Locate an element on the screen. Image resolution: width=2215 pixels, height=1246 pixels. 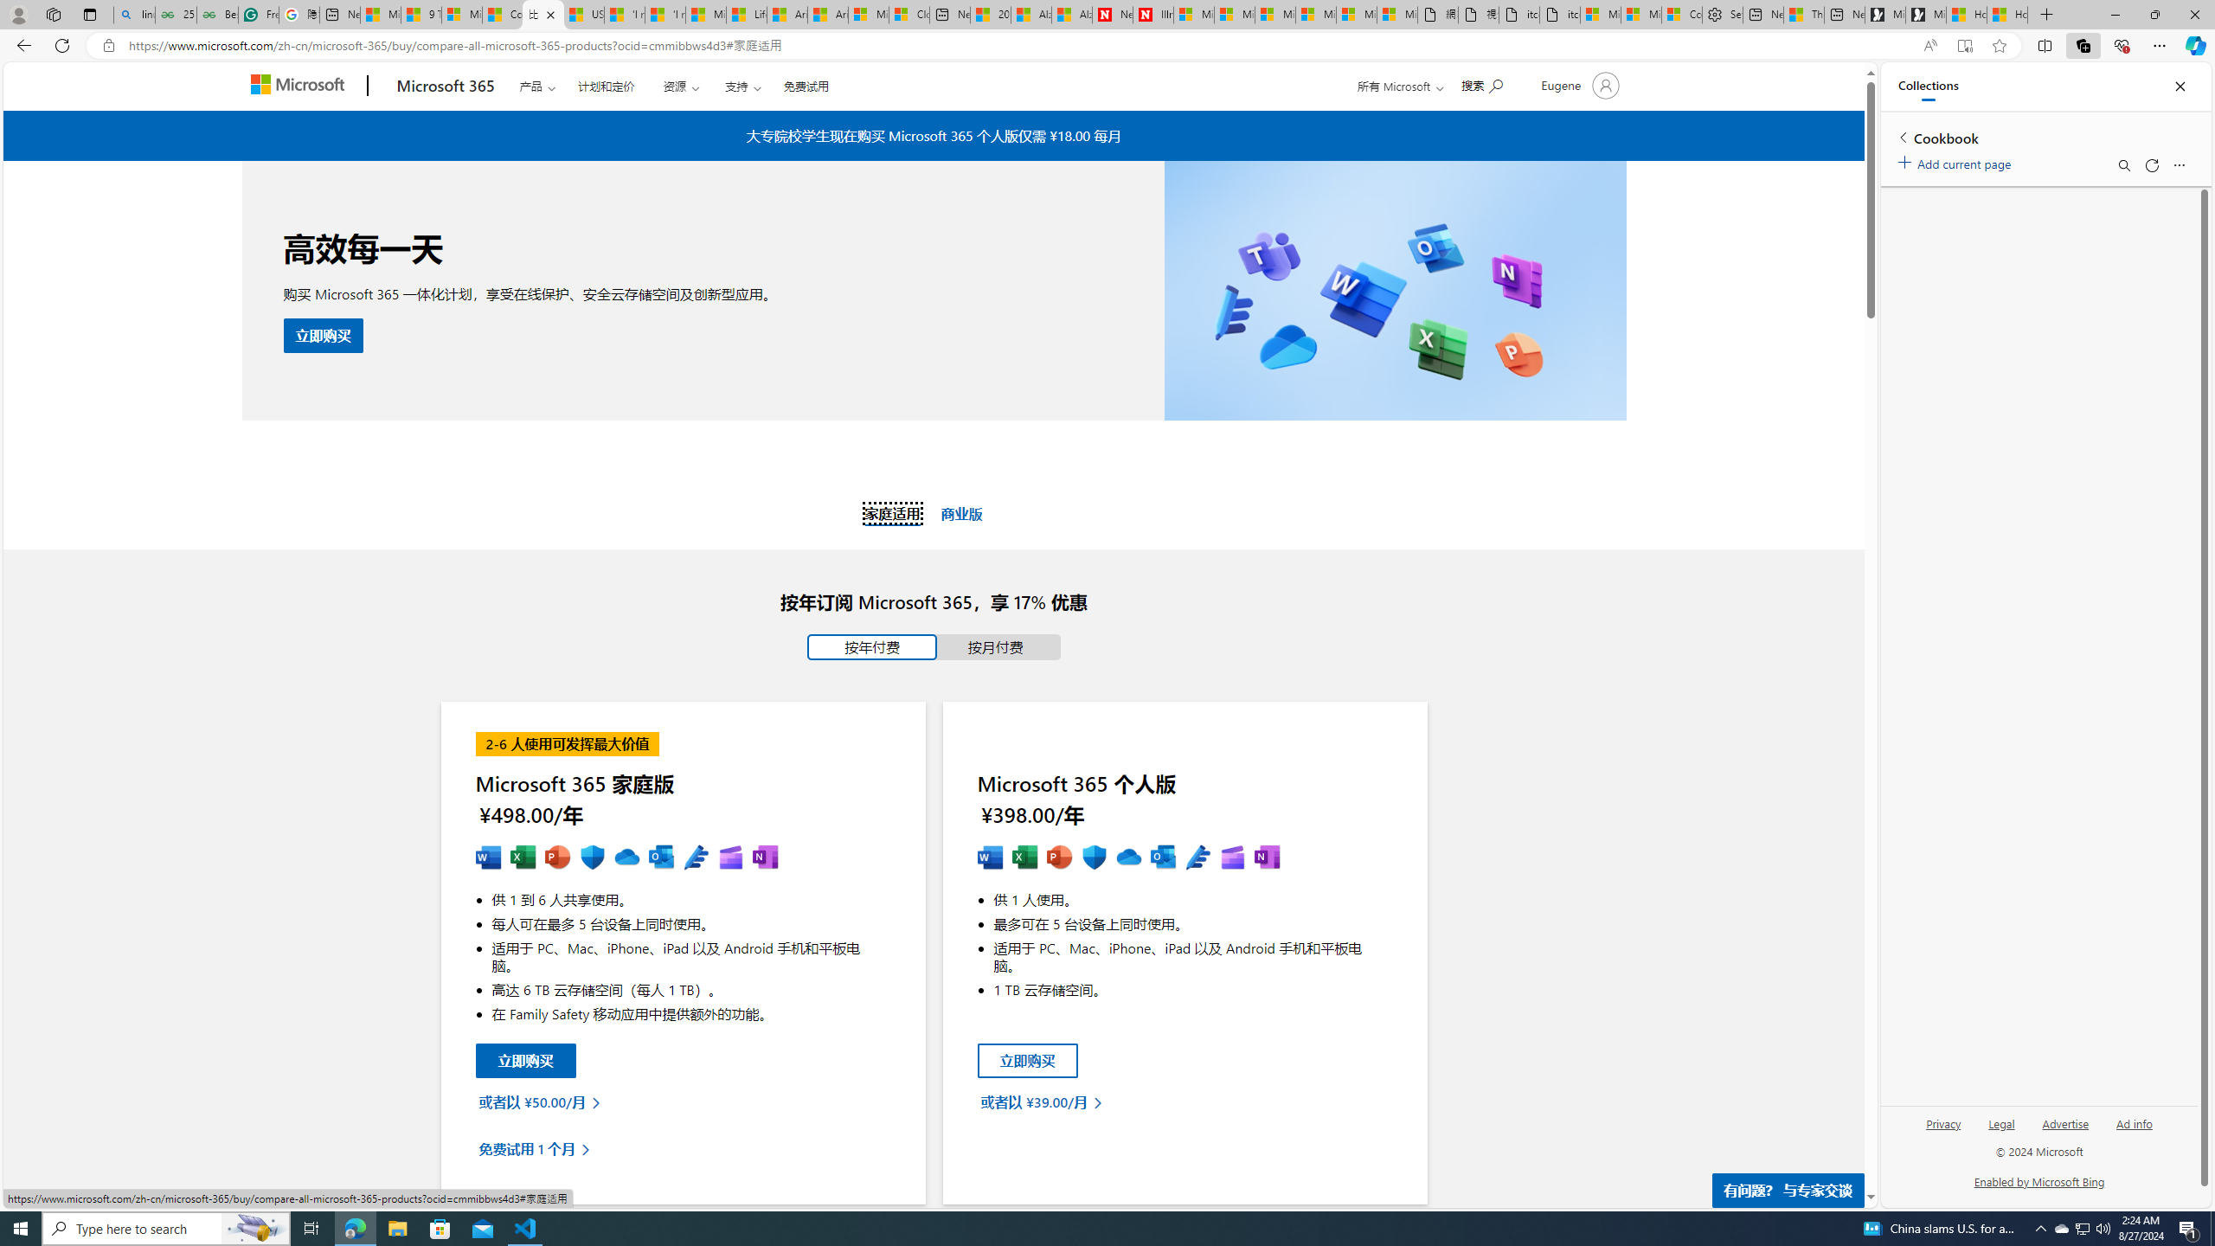
'Consumer Health Data Privacy Policy' is located at coordinates (1682, 14).